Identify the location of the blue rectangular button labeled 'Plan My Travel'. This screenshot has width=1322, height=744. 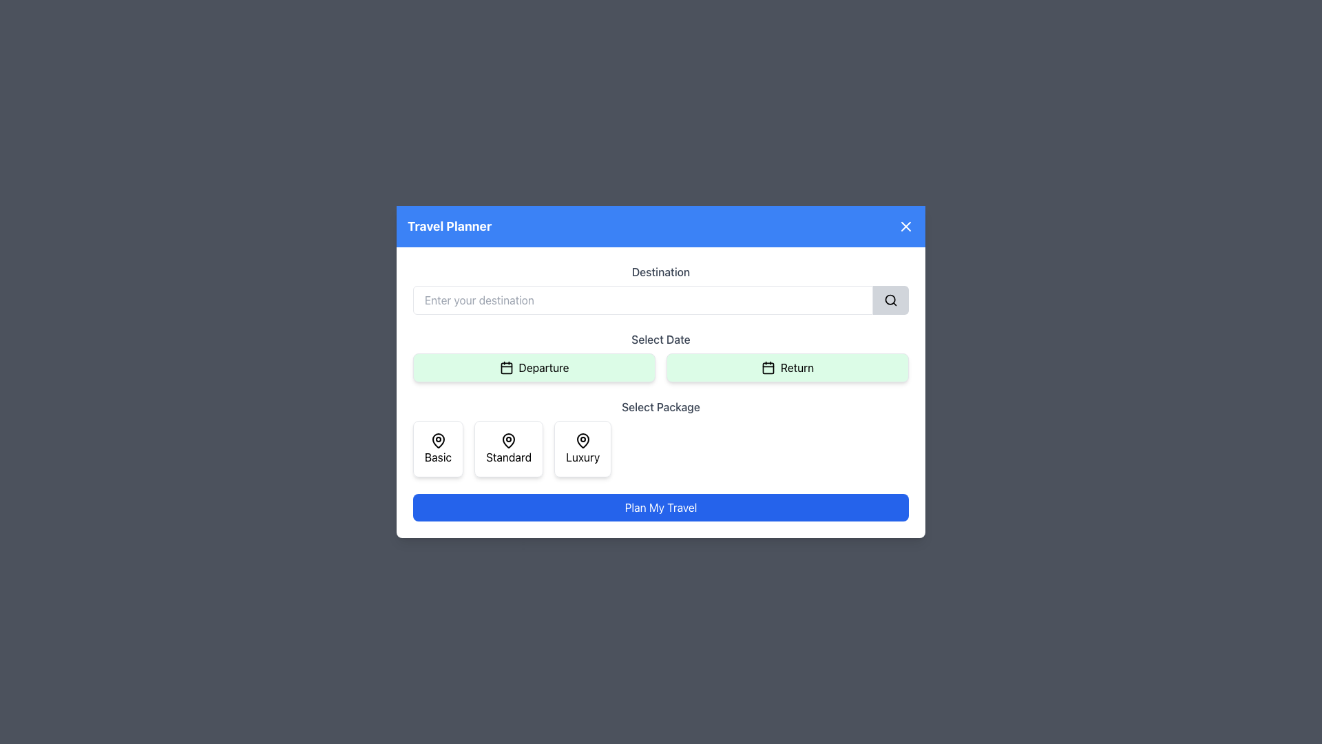
(661, 507).